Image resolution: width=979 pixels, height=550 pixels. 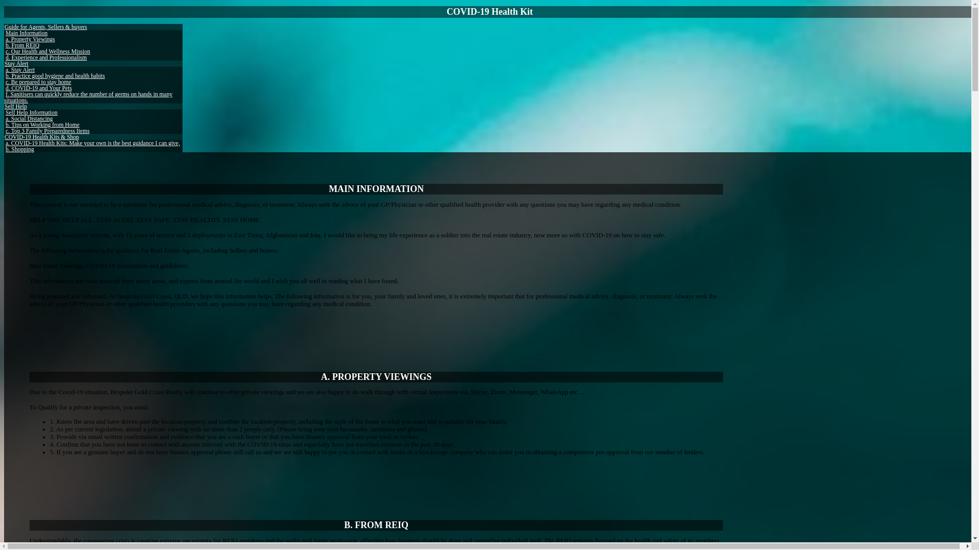 What do you see at coordinates (5, 39) in the screenshot?
I see `'a. Property Viewings'` at bounding box center [5, 39].